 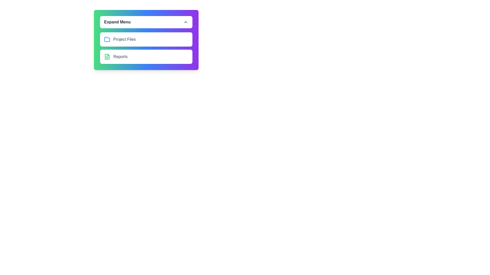 I want to click on the blue folder icon with rounded corners located to the left of the 'Project Files' text in the 'Expand Menu' dropdown, so click(x=107, y=39).